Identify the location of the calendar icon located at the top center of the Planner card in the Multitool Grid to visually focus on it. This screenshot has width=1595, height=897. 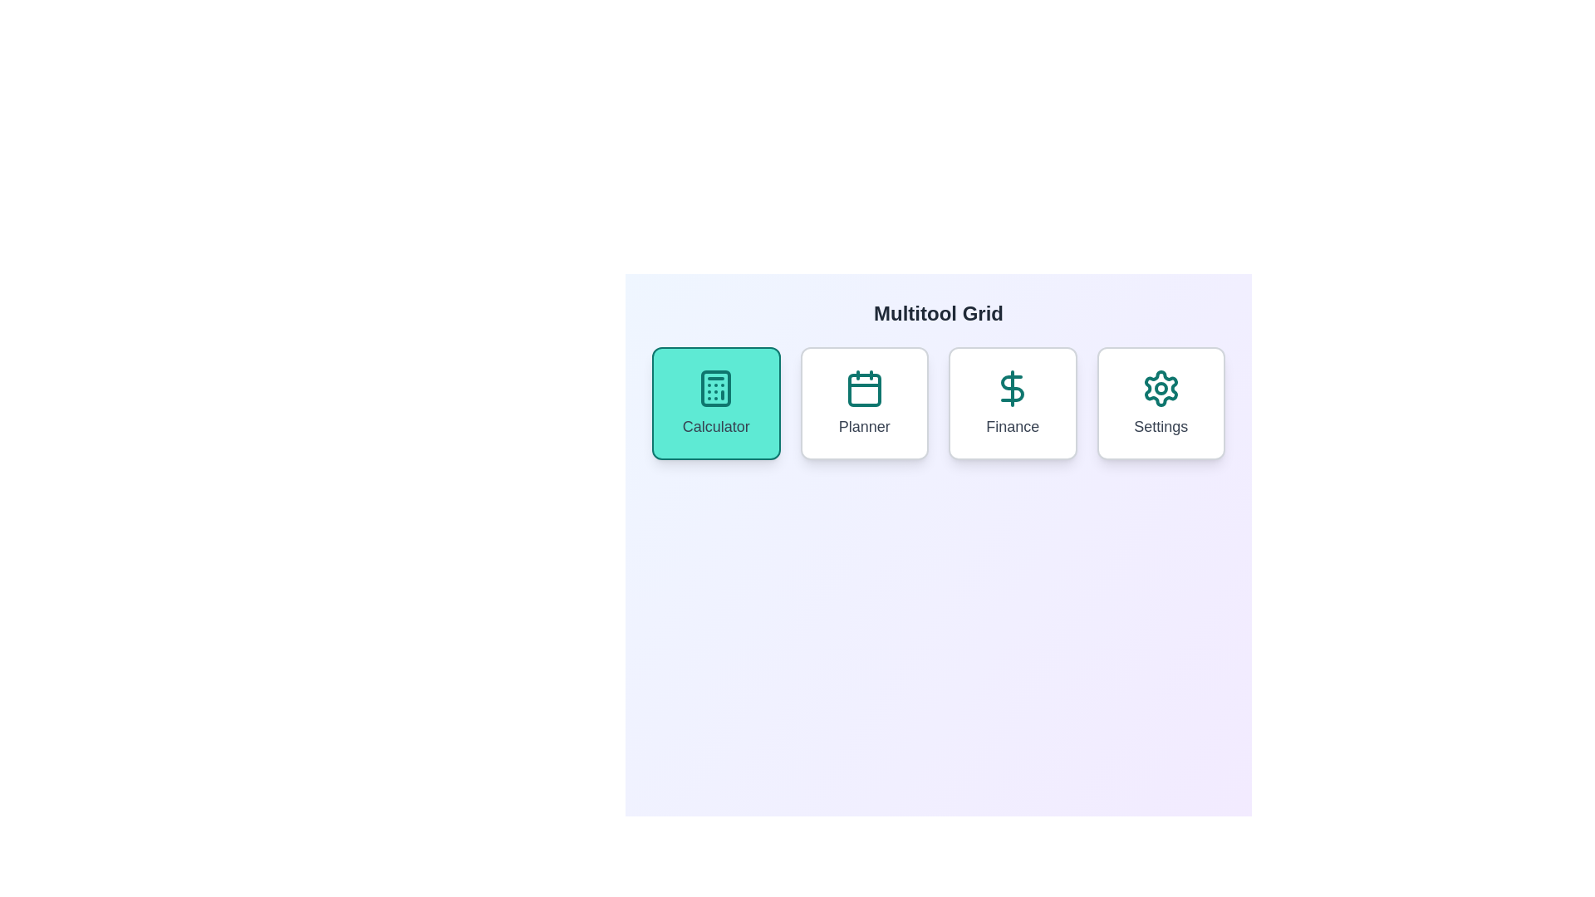
(864, 388).